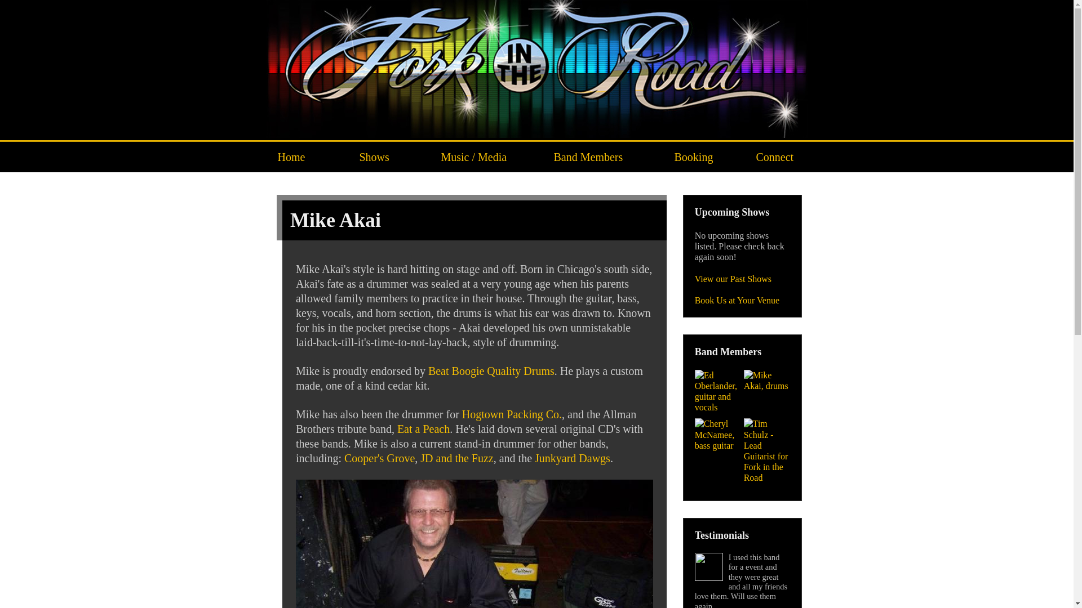 Image resolution: width=1082 pixels, height=608 pixels. I want to click on 'View our Past Shows', so click(733, 279).